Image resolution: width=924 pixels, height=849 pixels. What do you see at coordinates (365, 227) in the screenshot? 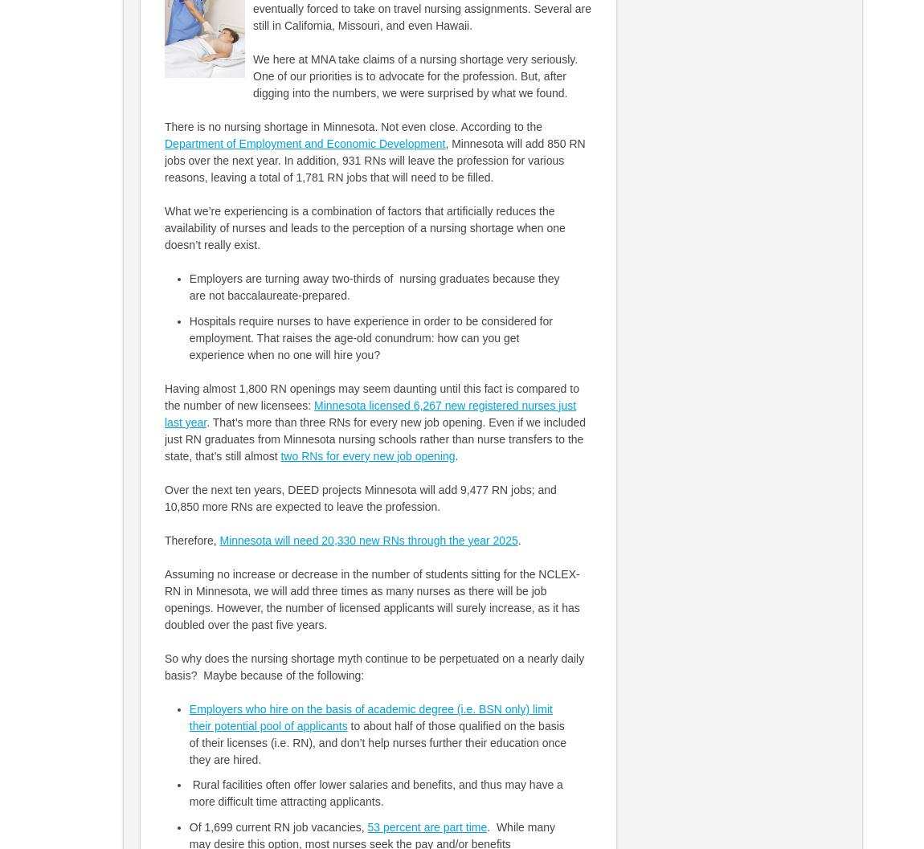
I see `'What we’re experiencing is a combination of factors that artificially reduces the availability of nurses and leads to the perception of a nursing shortage when one doesn’t really exist.'` at bounding box center [365, 227].